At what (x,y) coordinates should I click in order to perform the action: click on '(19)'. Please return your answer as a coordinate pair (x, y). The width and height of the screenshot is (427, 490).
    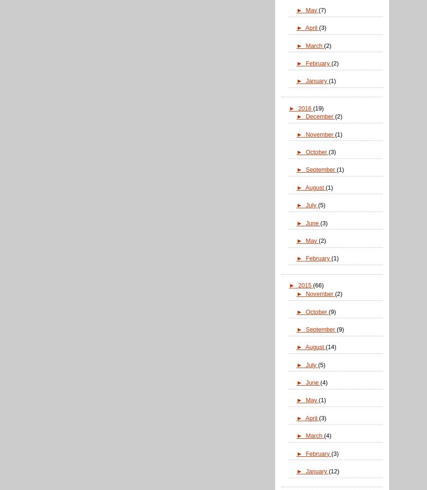
    Looking at the image, I should click on (318, 107).